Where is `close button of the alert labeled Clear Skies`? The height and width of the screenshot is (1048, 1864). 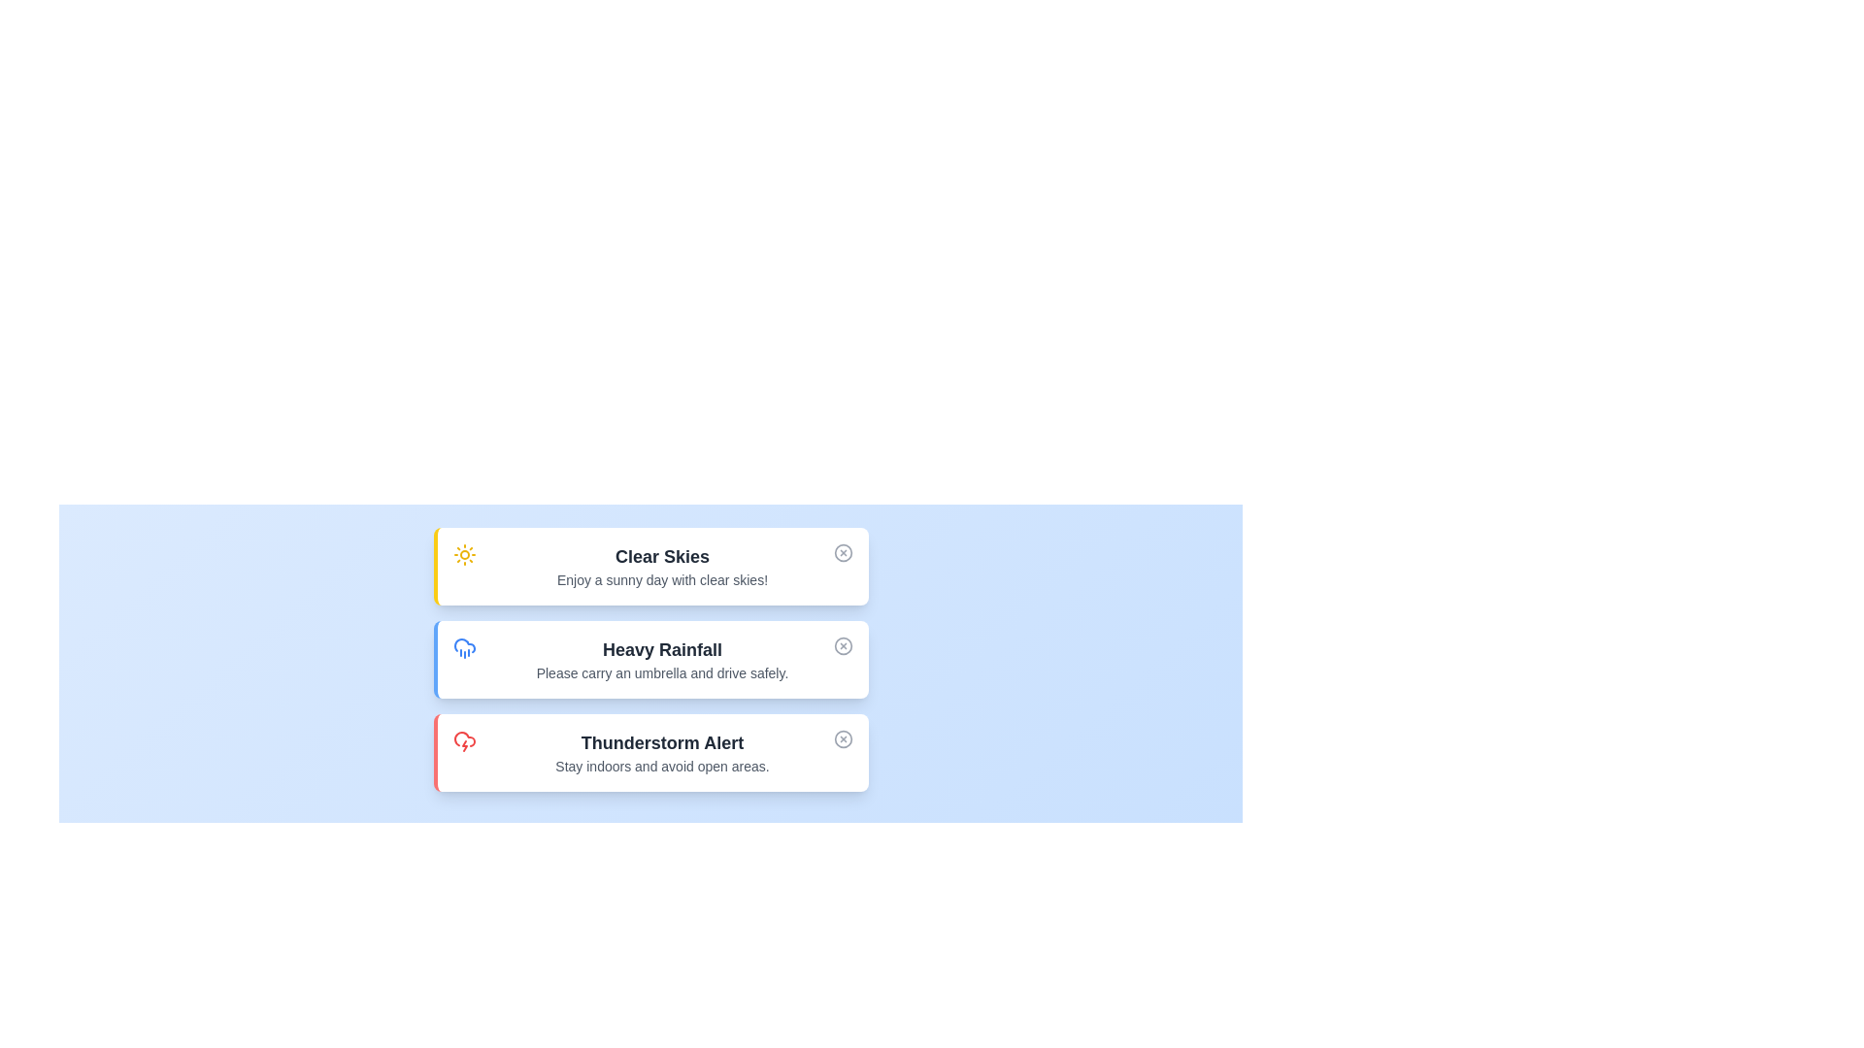
close button of the alert labeled Clear Skies is located at coordinates (843, 553).